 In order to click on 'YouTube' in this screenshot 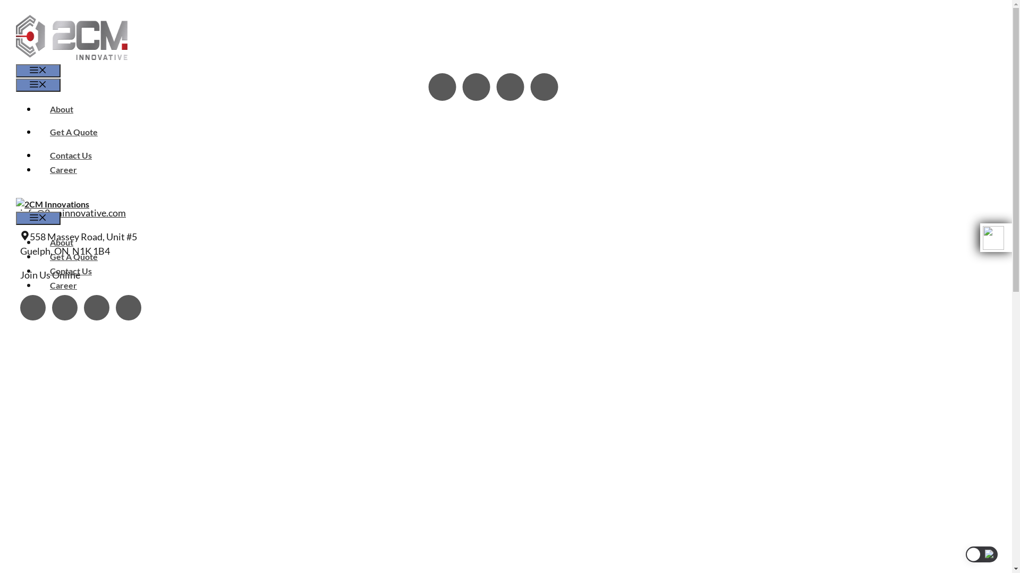, I will do `click(83, 307)`.